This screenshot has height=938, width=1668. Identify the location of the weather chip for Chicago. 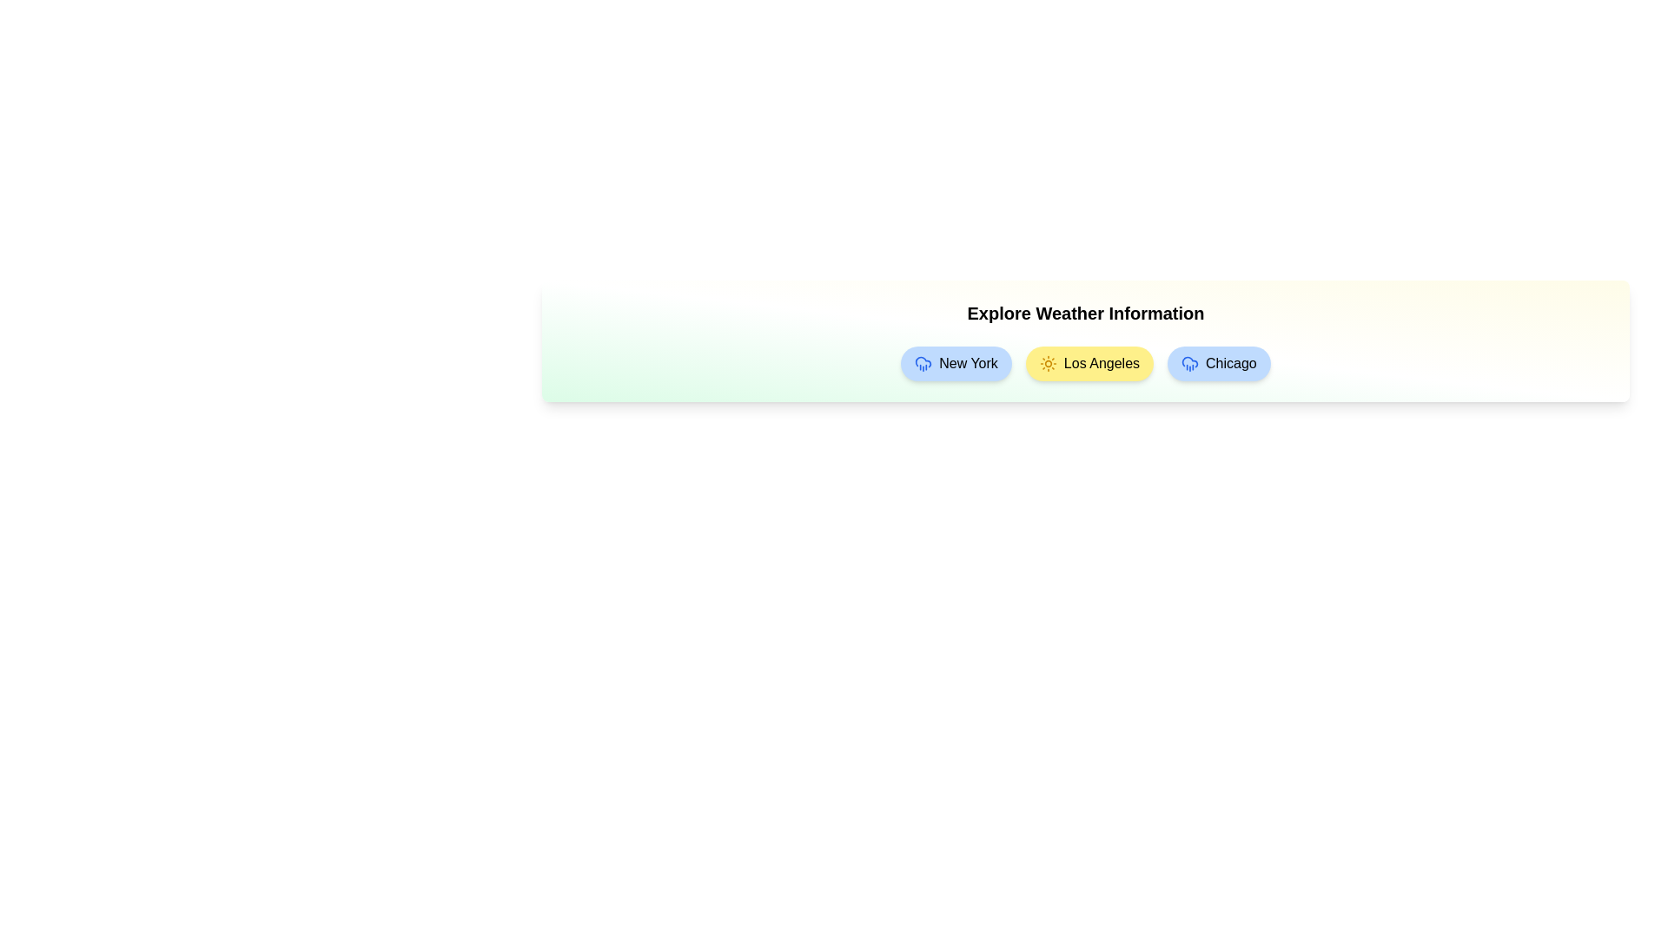
(1217, 363).